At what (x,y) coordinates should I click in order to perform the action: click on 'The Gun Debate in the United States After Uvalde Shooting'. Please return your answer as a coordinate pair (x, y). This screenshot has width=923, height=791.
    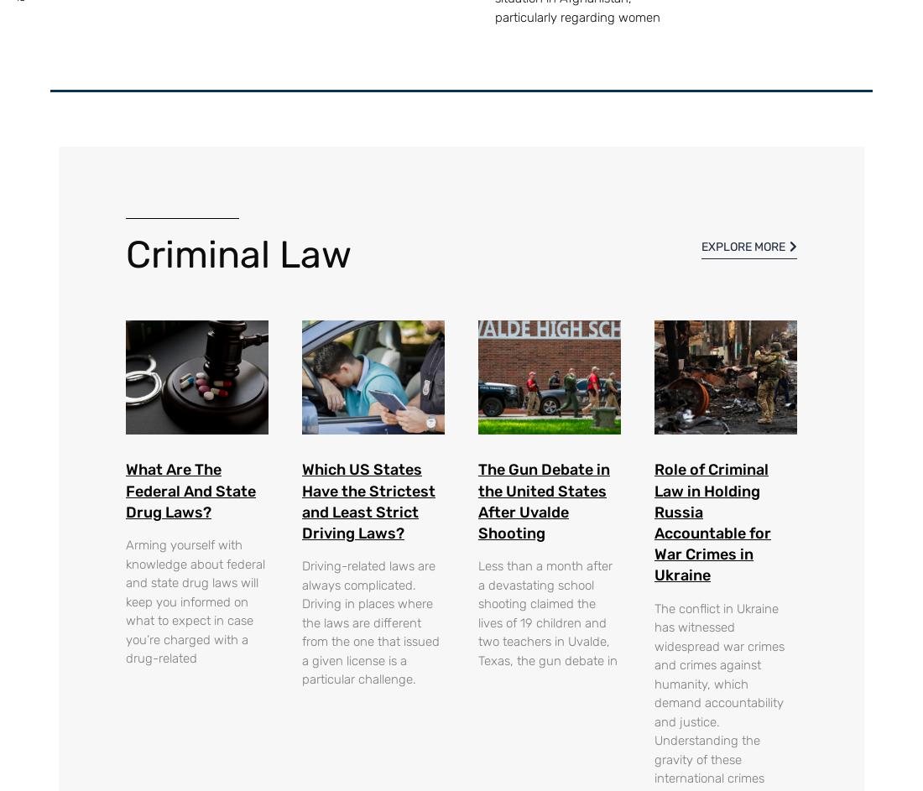
    Looking at the image, I should click on (544, 500).